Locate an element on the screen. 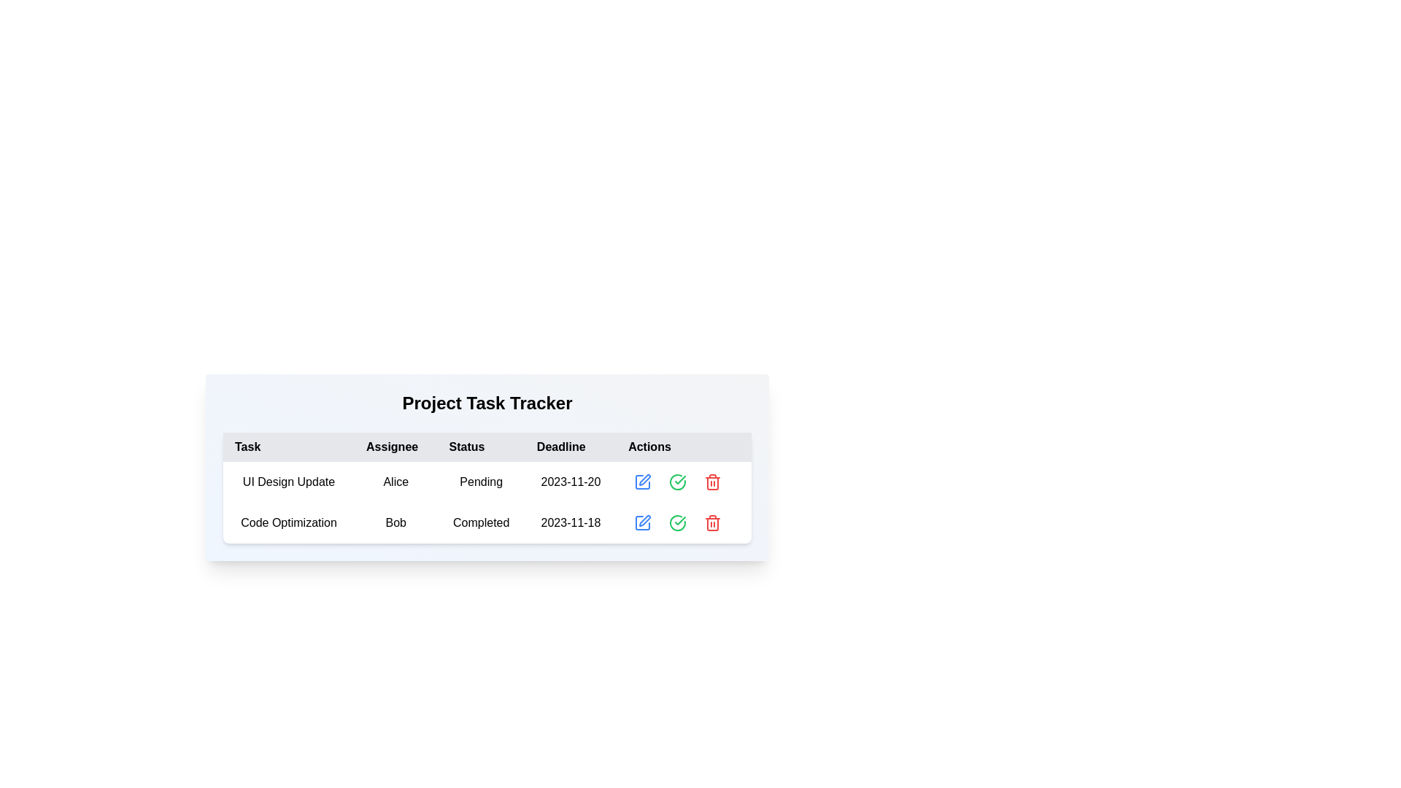 The image size is (1401, 788). the 'Code Optimization' text label located in the 'Task' column of the 'Project Task Tracker' table, which is the first element in the second row adjacent to 'Assignee' column text 'Bob' is located at coordinates (289, 522).